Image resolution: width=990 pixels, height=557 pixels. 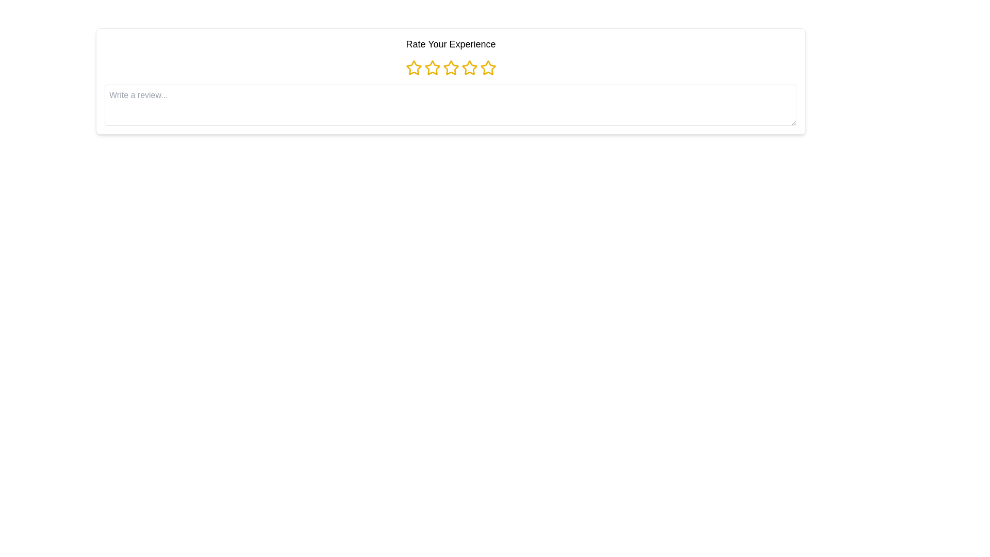 What do you see at coordinates (414, 68) in the screenshot?
I see `the first star-shaped icon in the rating widget` at bounding box center [414, 68].